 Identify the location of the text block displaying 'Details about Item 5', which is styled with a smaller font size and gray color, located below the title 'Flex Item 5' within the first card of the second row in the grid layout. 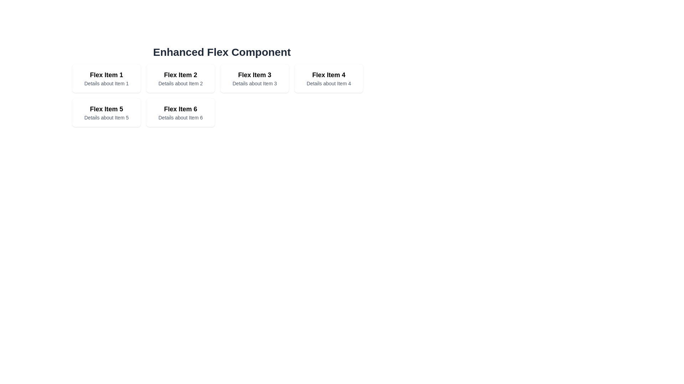
(106, 117).